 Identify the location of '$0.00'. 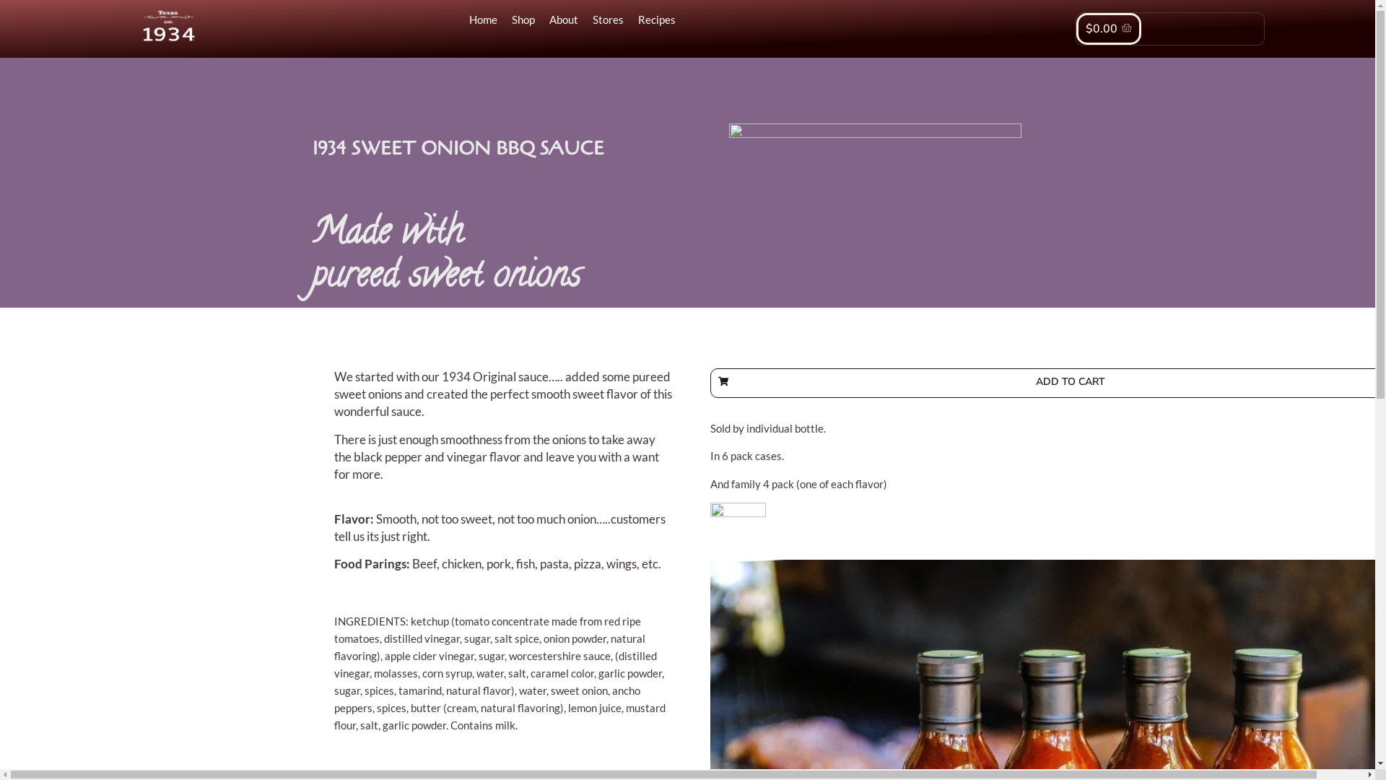
(1108, 28).